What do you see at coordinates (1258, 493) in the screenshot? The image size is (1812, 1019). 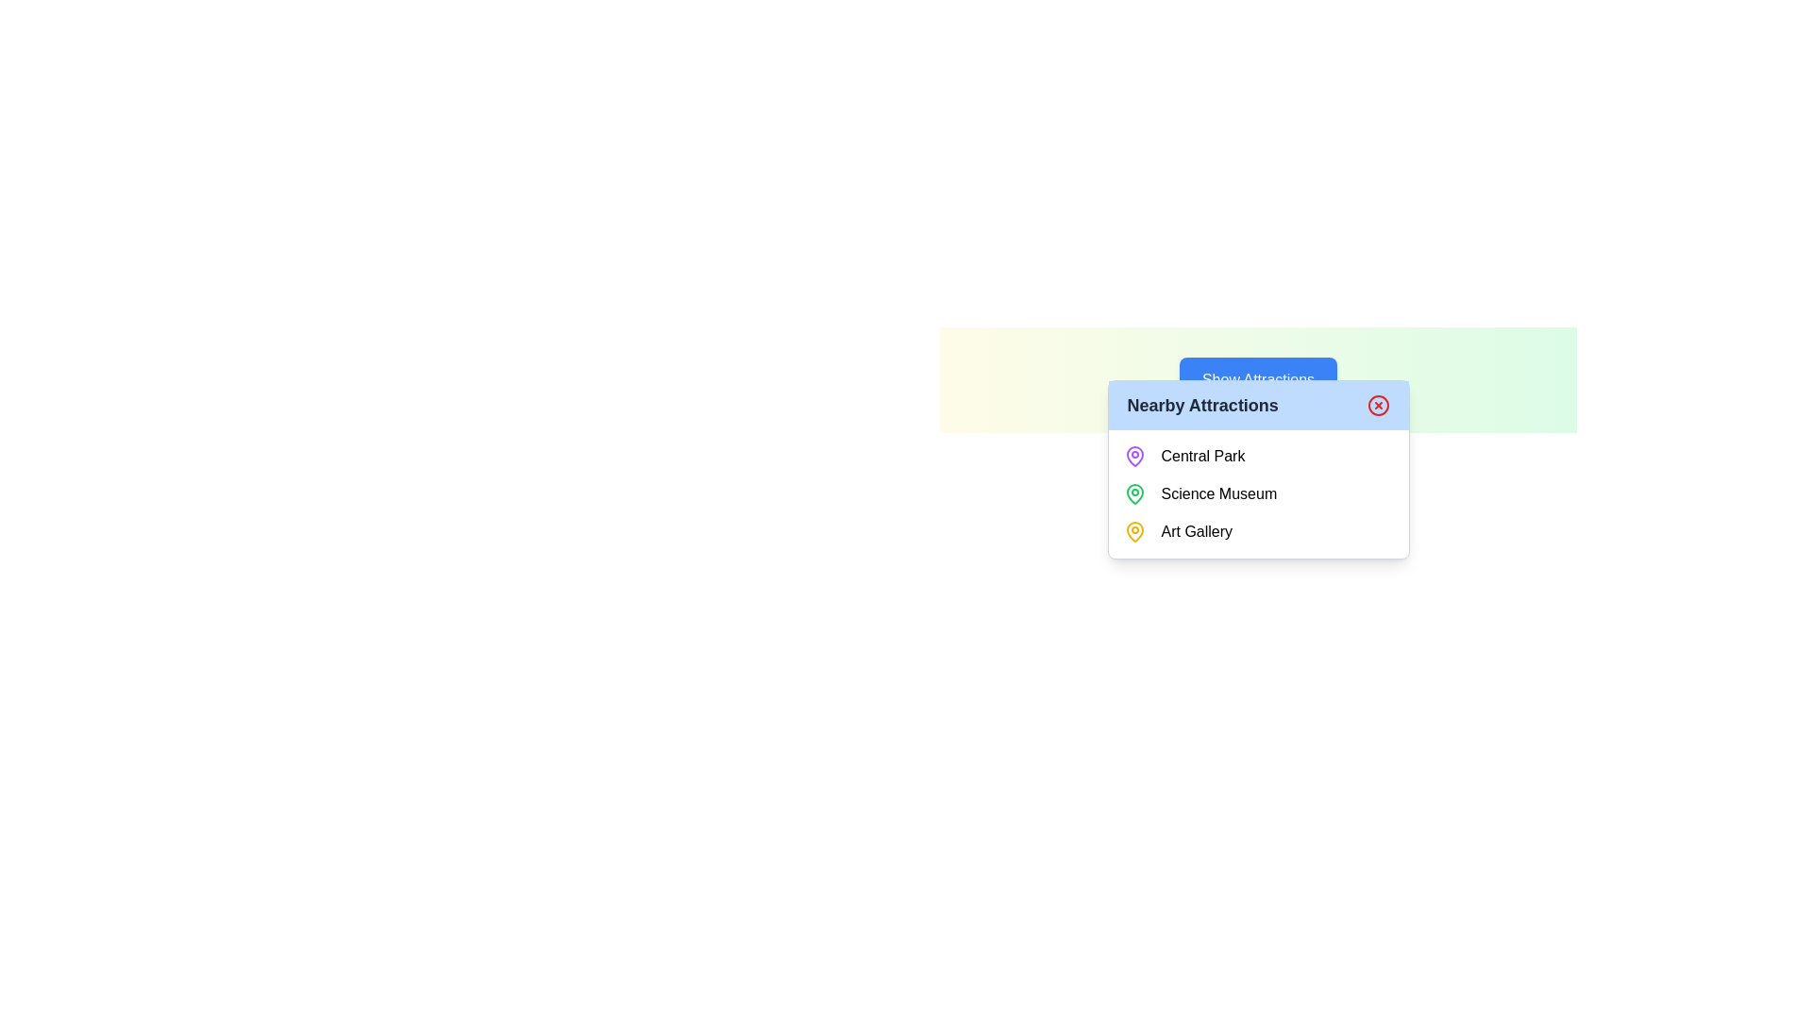 I see `the 'Science Museum' text with the green pin icon located in the 'Nearby Attractions' list, which is the second entry between 'Central Park' and 'Art Gallery'` at bounding box center [1258, 493].